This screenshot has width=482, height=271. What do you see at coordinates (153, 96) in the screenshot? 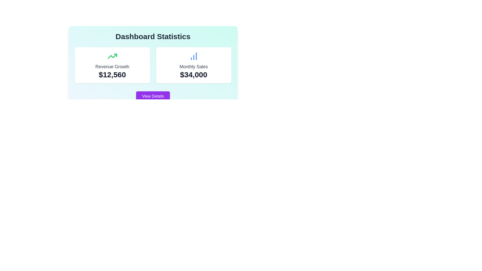
I see `the button located at the bottom center of the statistics card to change its background color` at bounding box center [153, 96].